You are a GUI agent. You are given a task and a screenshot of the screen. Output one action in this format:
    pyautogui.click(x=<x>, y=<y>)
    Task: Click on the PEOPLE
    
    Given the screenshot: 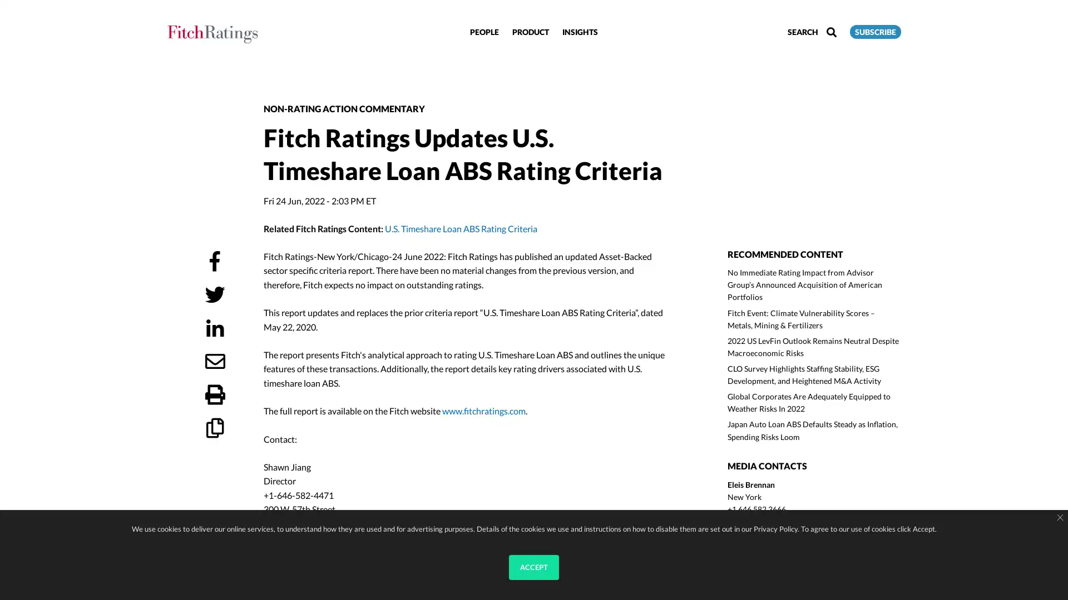 What is the action you would take?
    pyautogui.click(x=484, y=31)
    